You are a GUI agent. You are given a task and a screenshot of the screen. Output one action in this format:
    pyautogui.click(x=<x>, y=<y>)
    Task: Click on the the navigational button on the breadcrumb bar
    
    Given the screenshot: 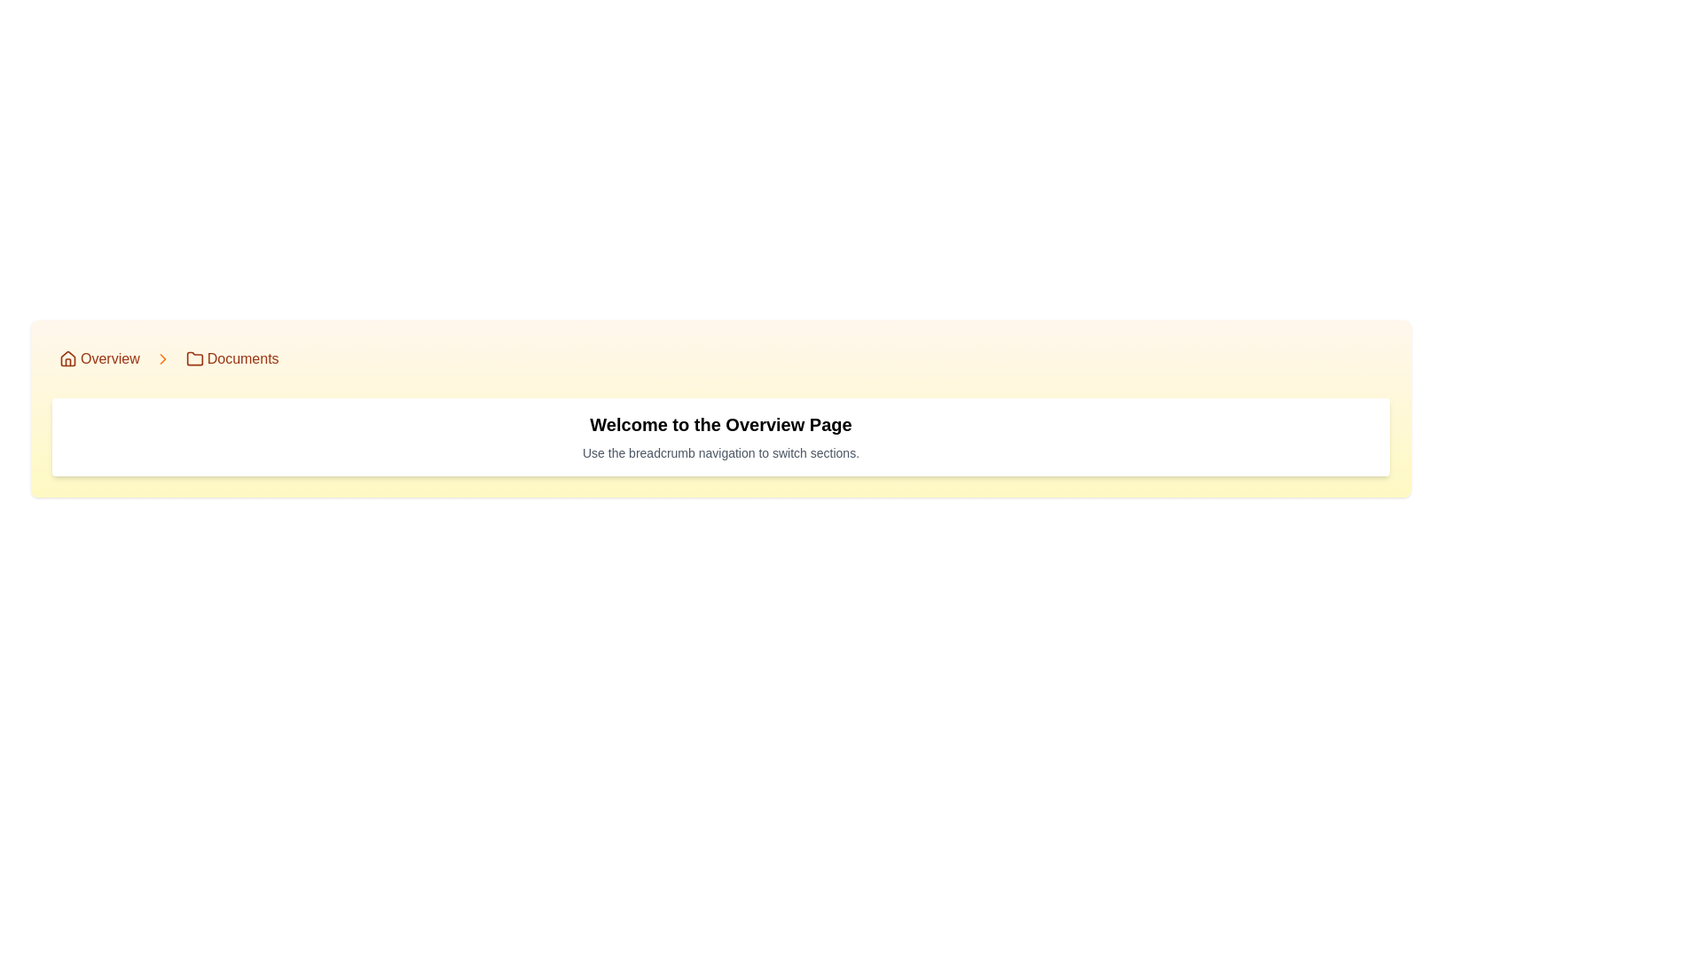 What is the action you would take?
    pyautogui.click(x=98, y=359)
    